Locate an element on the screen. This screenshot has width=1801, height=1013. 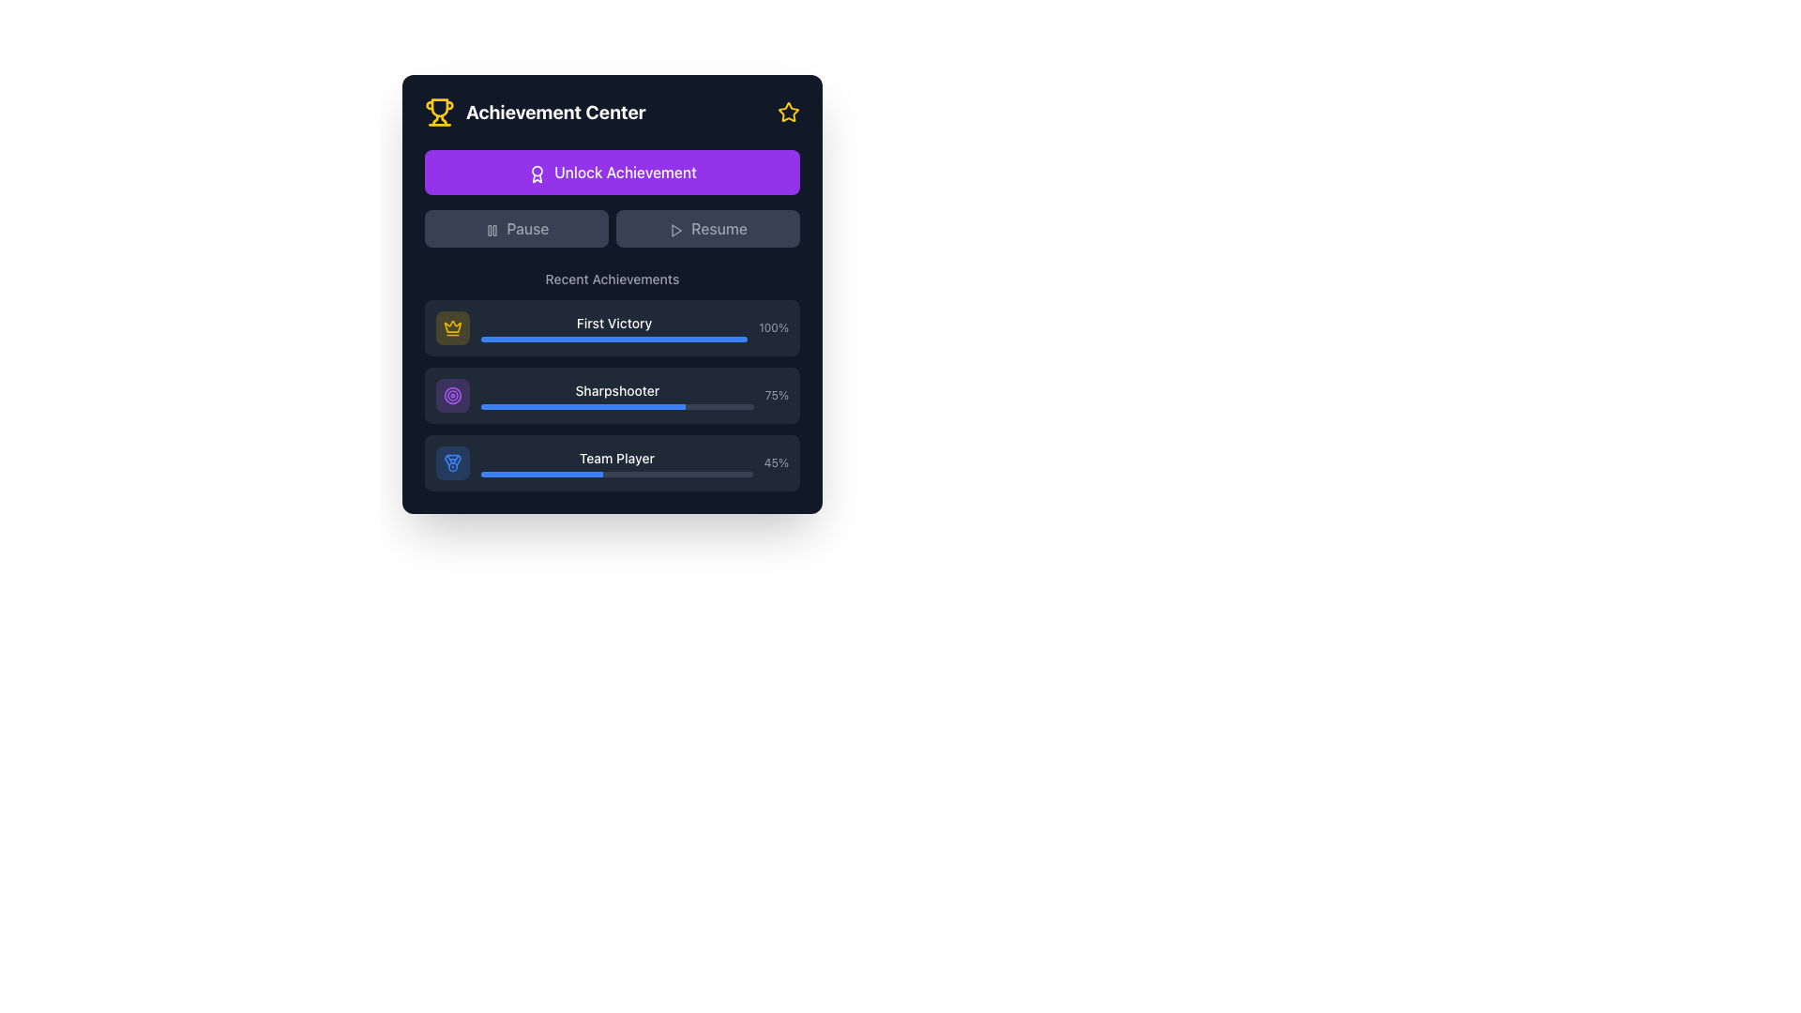
the 'Resume' button, which is the second button in a horizontal group, located to the right of the 'Pause' button is located at coordinates (706, 227).